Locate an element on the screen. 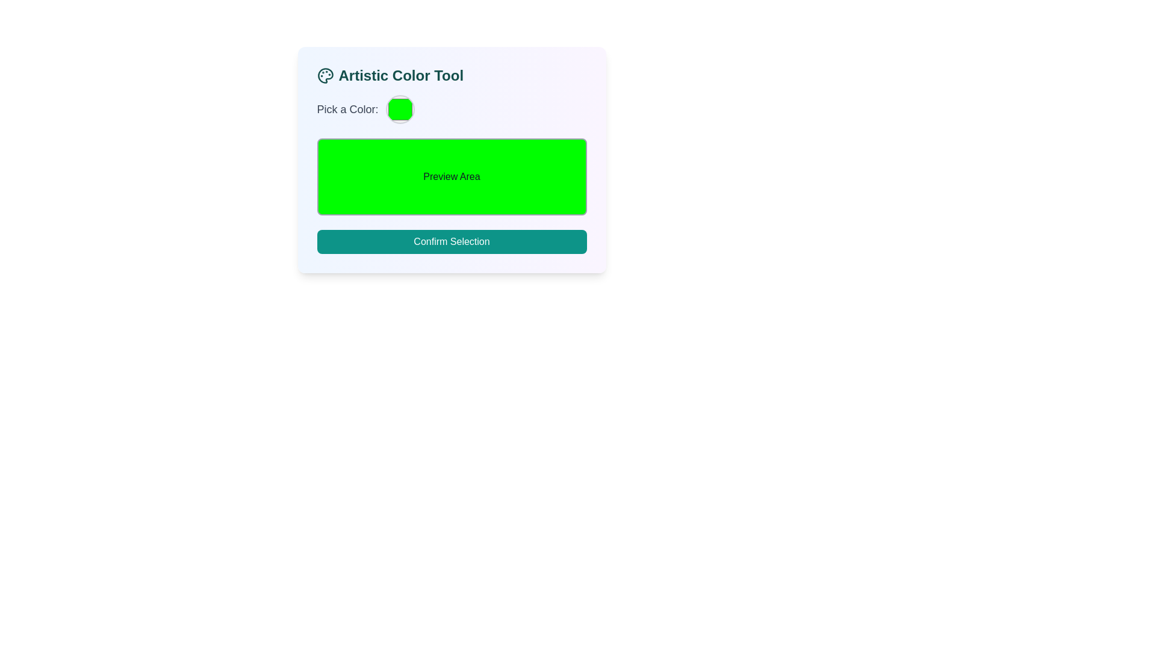  the green preview area labeled 'Preview Area' in the color picker component of the 'Artistic Color Tool' is located at coordinates (451, 174).